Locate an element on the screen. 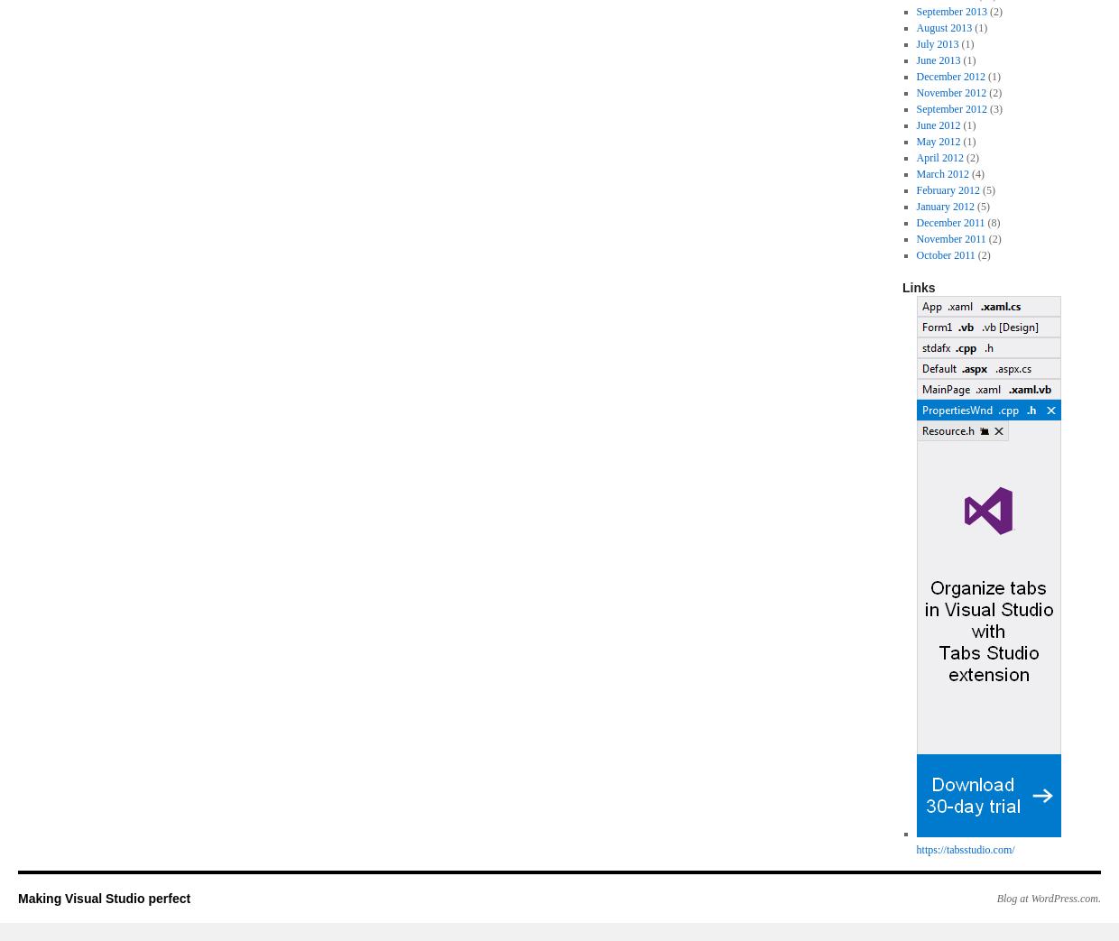 This screenshot has width=1119, height=941. 'December 2011' is located at coordinates (950, 222).